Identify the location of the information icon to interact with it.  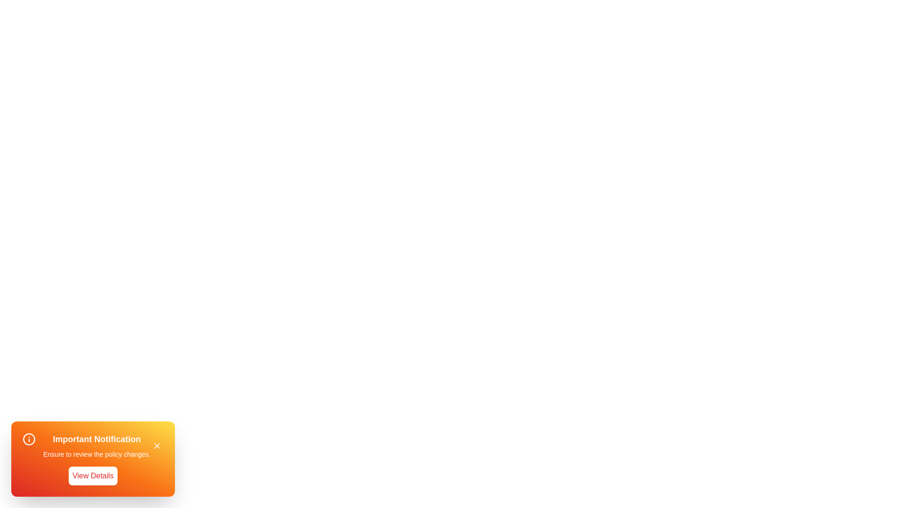
(29, 439).